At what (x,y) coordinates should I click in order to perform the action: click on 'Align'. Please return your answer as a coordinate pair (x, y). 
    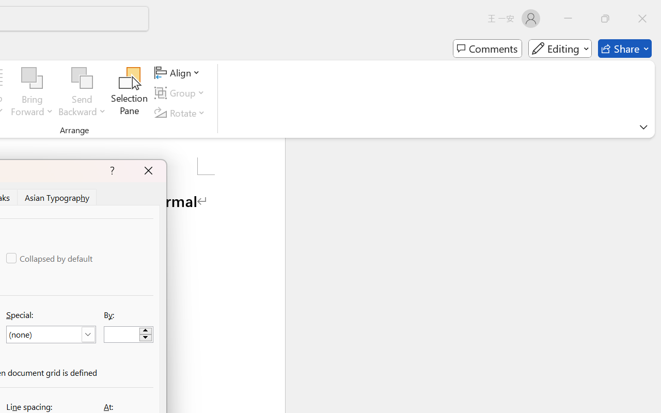
    Looking at the image, I should click on (179, 73).